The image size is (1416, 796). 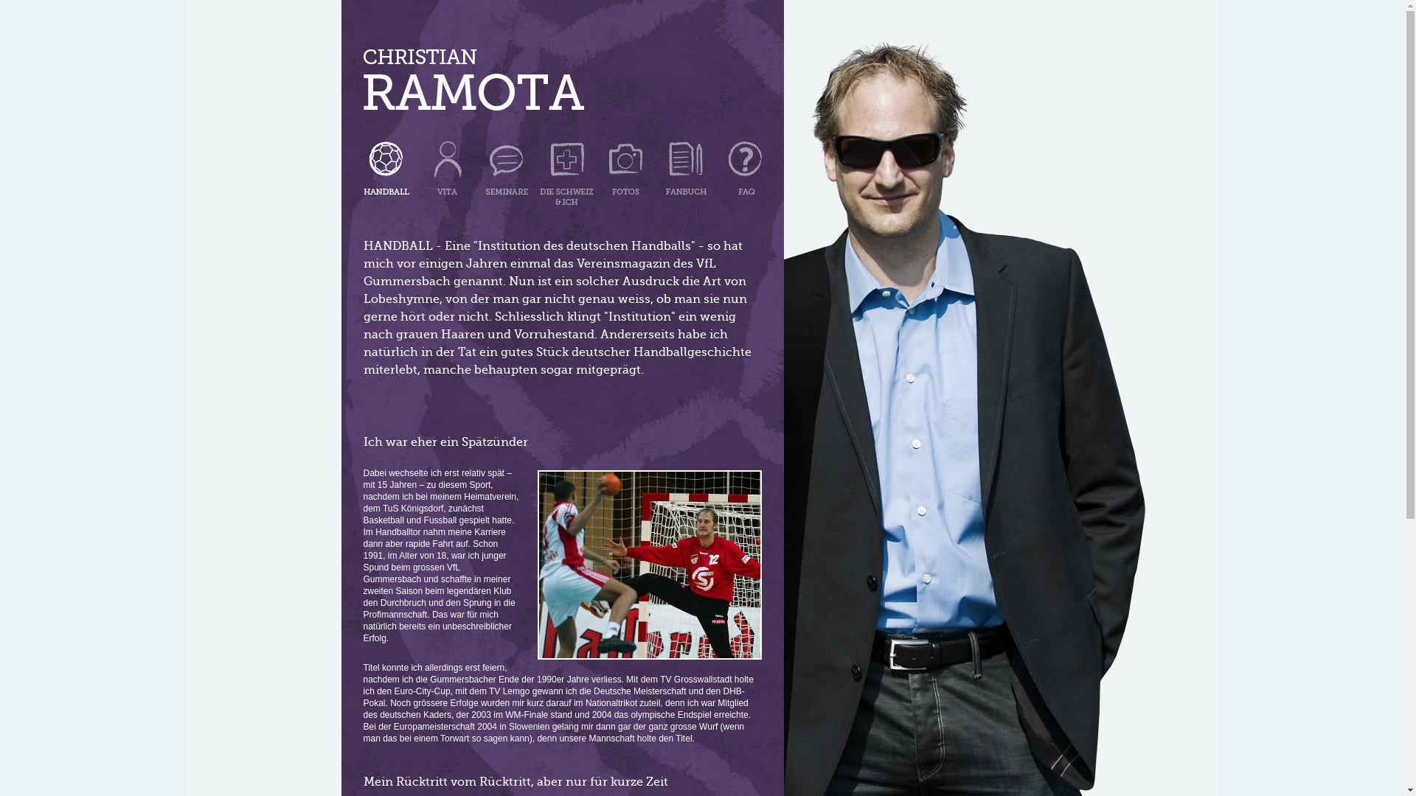 What do you see at coordinates (448, 164) in the screenshot?
I see `' '` at bounding box center [448, 164].